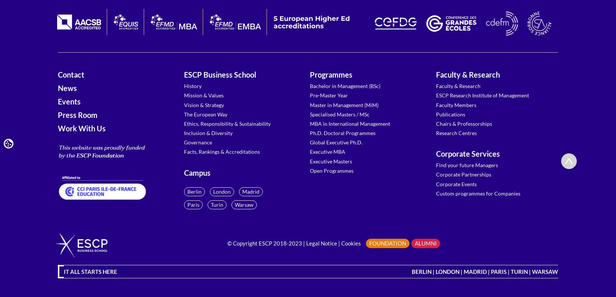 The image size is (616, 297). I want to click on 'Corporate Services', so click(436, 153).